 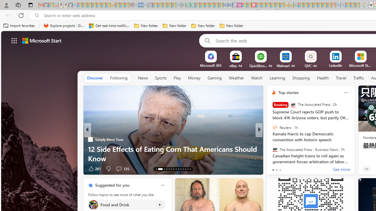 What do you see at coordinates (225, 5) in the screenshot?
I see `'Cheap Car Rentals - Save70.com - Sleeping'` at bounding box center [225, 5].